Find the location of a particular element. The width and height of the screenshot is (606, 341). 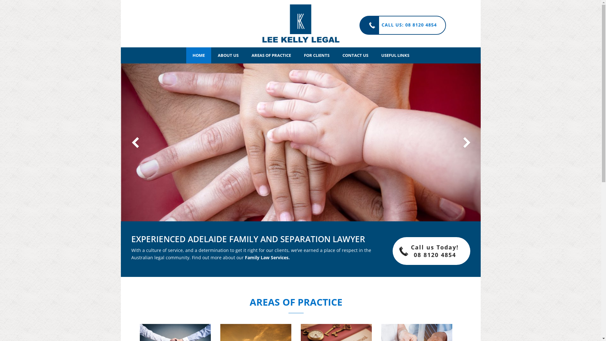

'Call us Today! 08 8120 4854' is located at coordinates (392, 250).